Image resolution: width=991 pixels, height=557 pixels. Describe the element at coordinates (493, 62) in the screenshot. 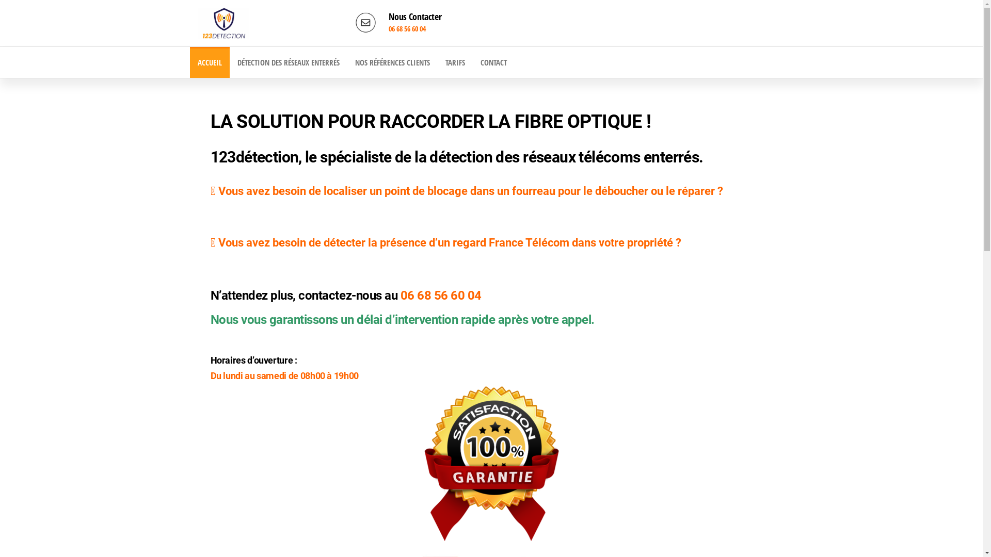

I see `'CONTACT'` at that location.